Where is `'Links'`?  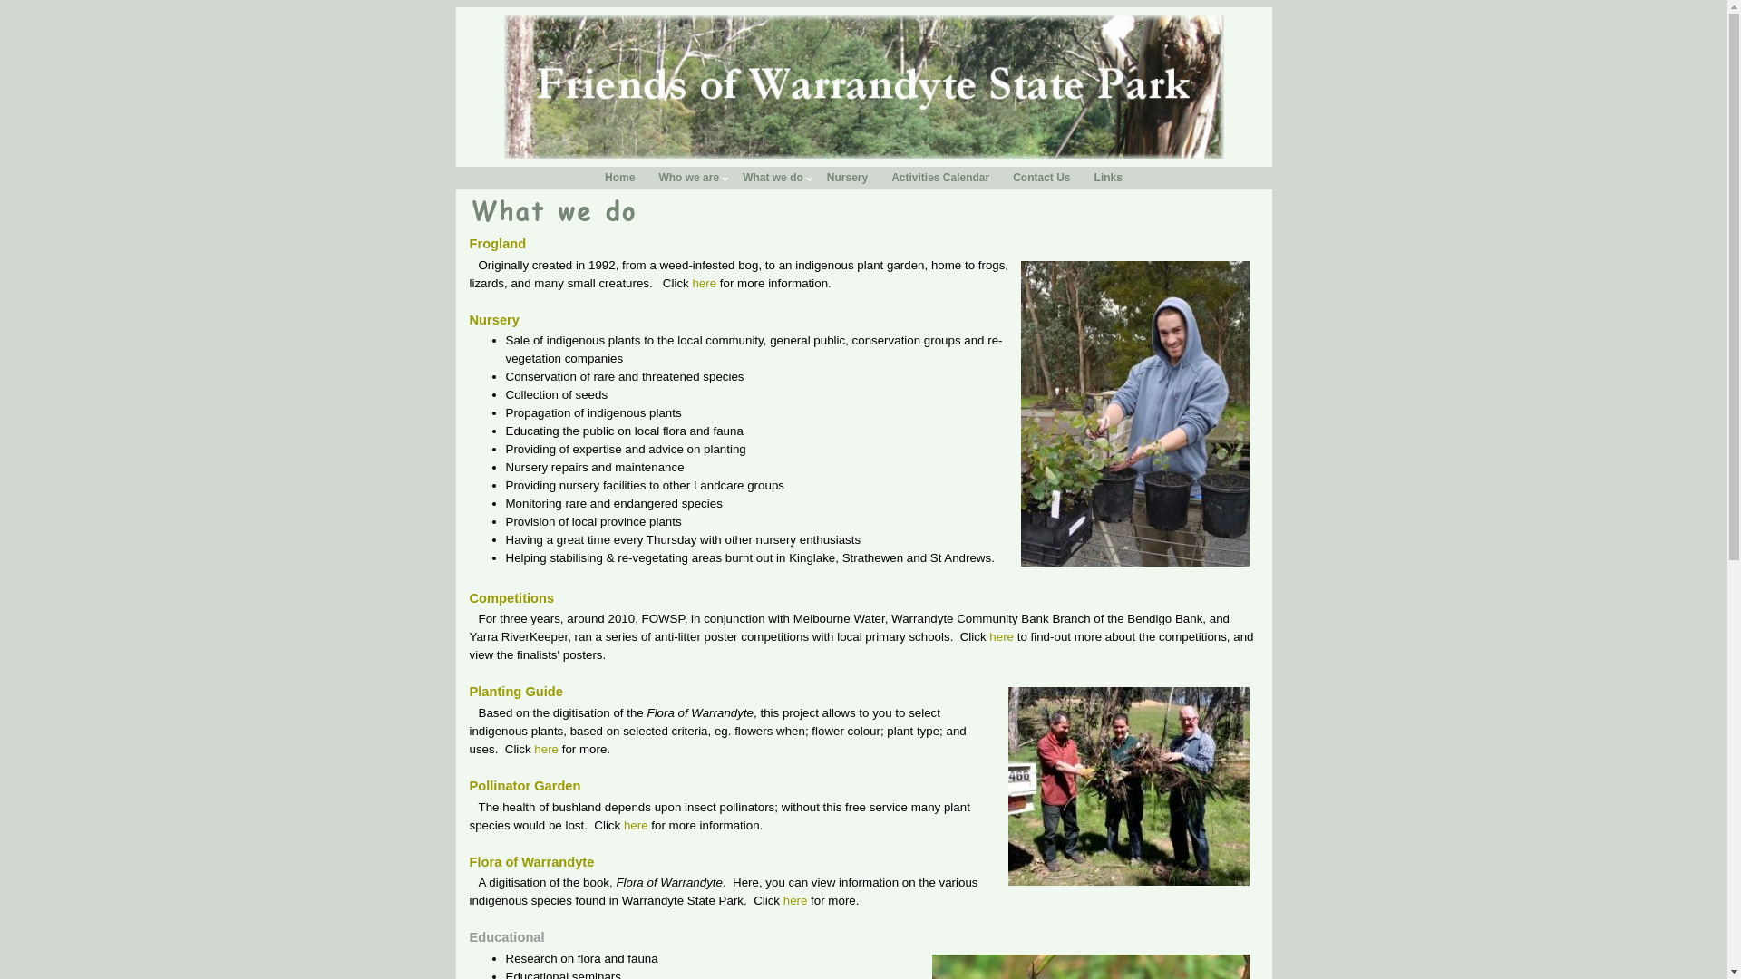 'Links' is located at coordinates (1107, 178).